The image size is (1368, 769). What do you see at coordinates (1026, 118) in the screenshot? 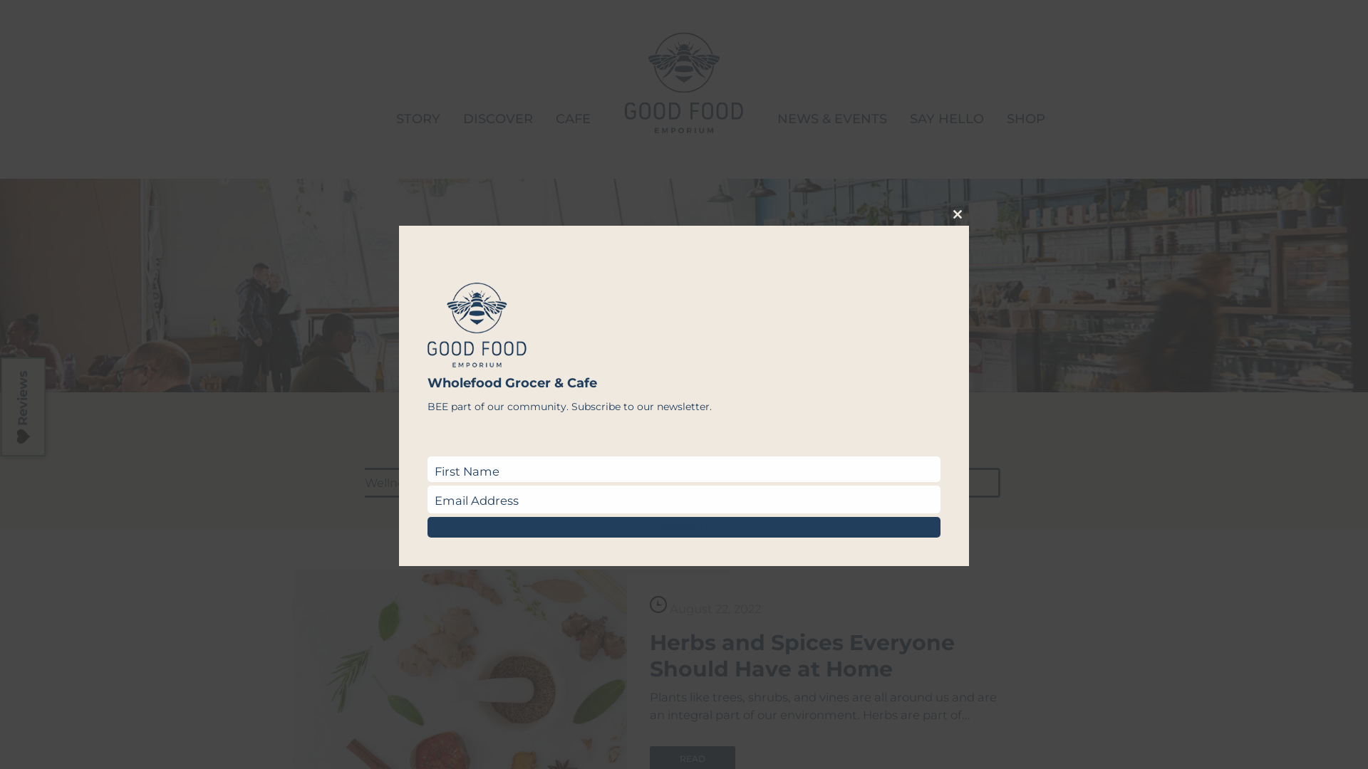
I see `'SHOP'` at bounding box center [1026, 118].